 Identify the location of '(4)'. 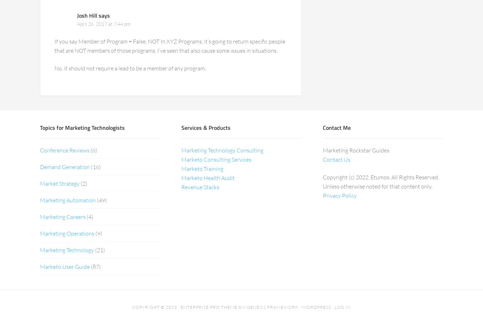
(89, 216).